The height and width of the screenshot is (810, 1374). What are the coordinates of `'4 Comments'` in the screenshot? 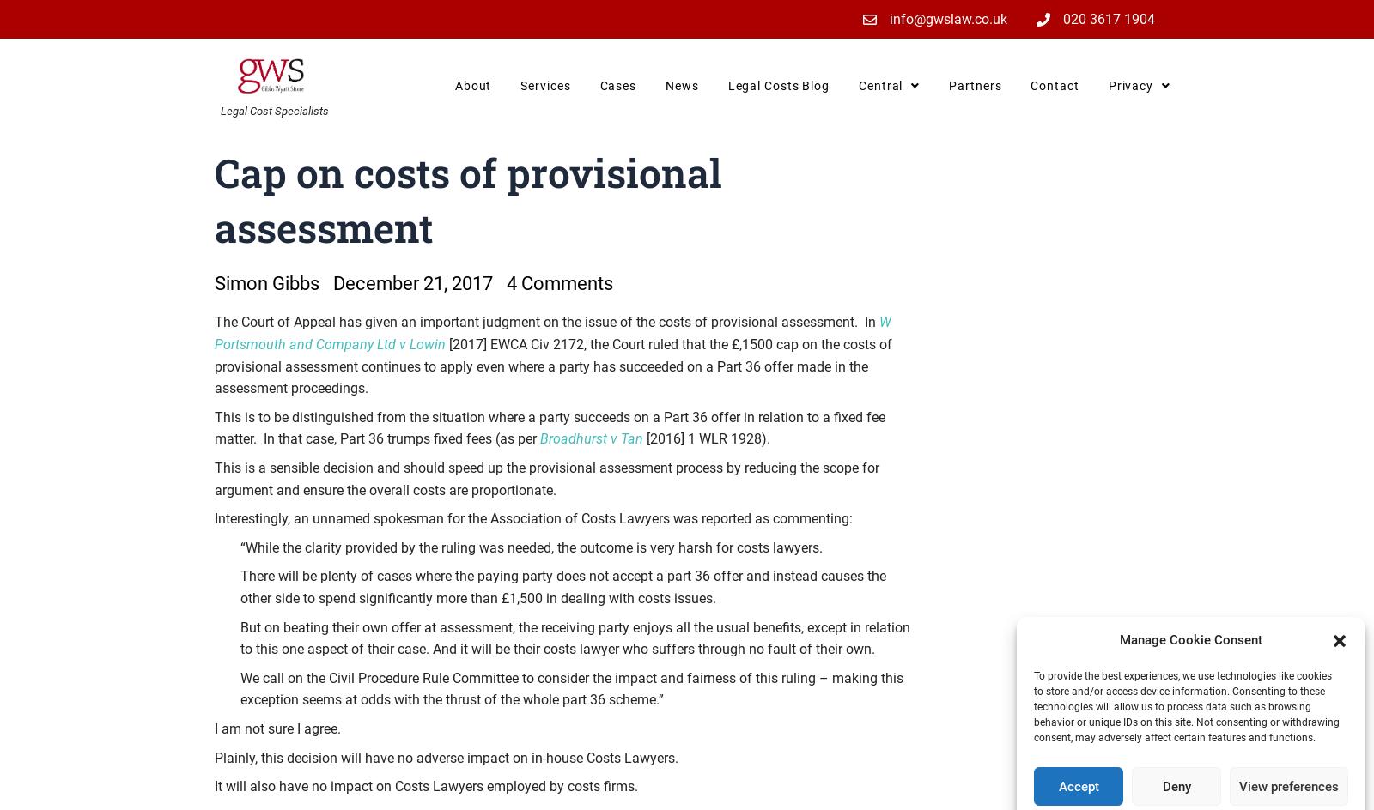 It's located at (560, 281).